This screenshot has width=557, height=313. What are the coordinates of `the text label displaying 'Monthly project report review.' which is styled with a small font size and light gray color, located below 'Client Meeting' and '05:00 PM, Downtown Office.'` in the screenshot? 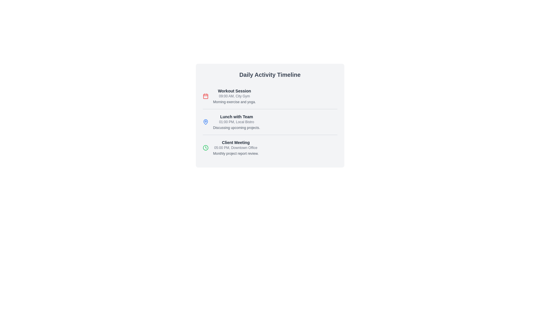 It's located at (236, 153).